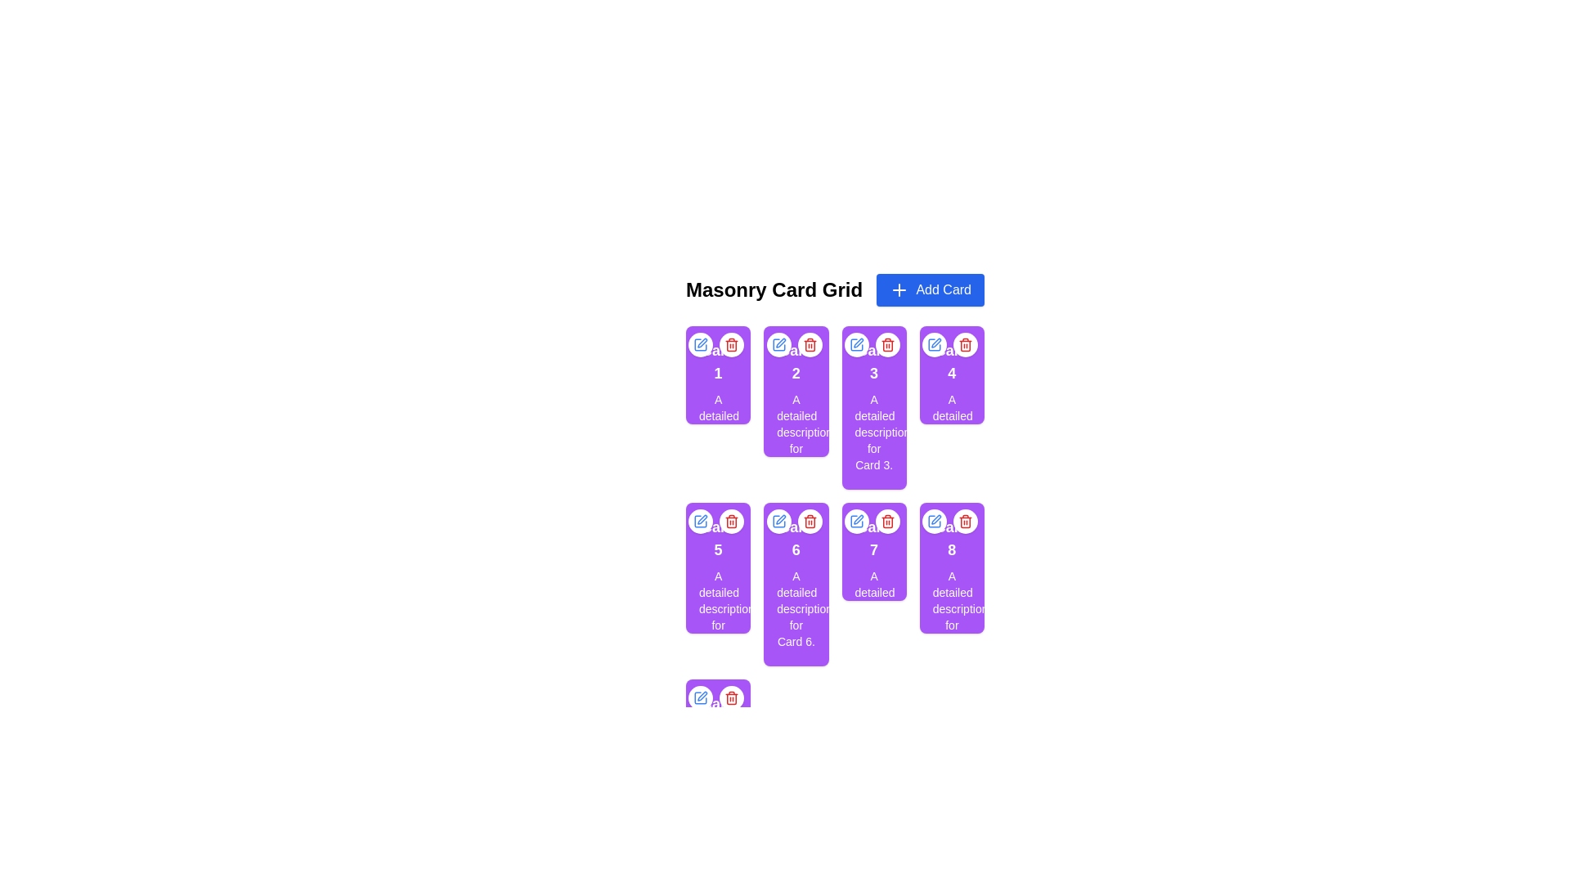 This screenshot has height=883, width=1570. What do you see at coordinates (965, 521) in the screenshot?
I see `the circular delete button with a red trashcan icon located at the top-right corner of the card` at bounding box center [965, 521].